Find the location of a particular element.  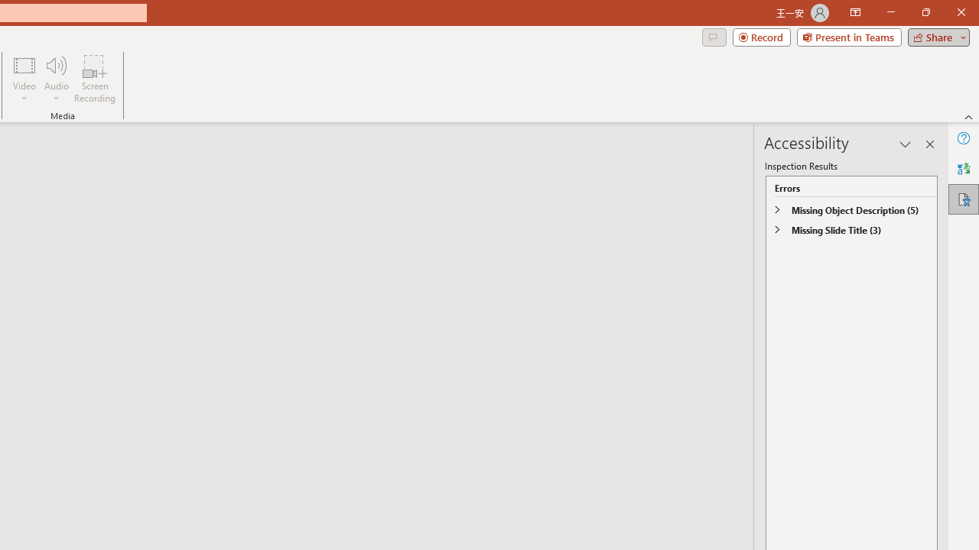

'Comments' is located at coordinates (713, 36).